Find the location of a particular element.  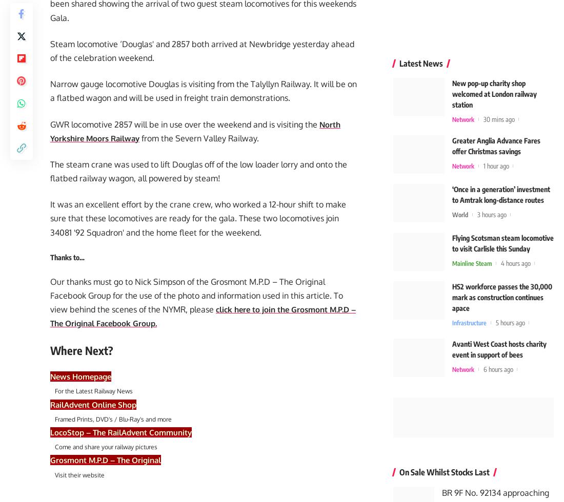

'On Sale Whilst Stocks Last' is located at coordinates (399, 469).